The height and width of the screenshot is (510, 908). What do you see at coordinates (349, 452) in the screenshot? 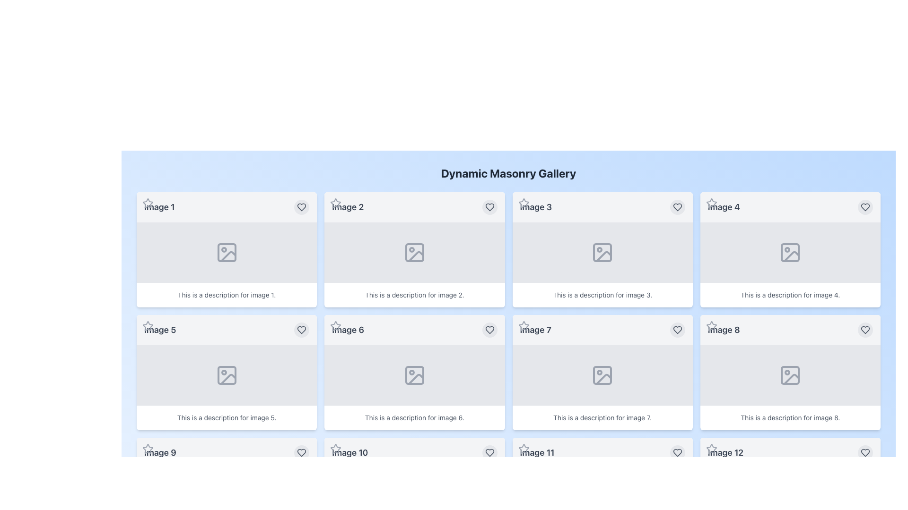
I see `text label displaying 'Image 10', which is styled with a large font size and bold formatting, located in the bottom-left part of the interface` at bounding box center [349, 452].